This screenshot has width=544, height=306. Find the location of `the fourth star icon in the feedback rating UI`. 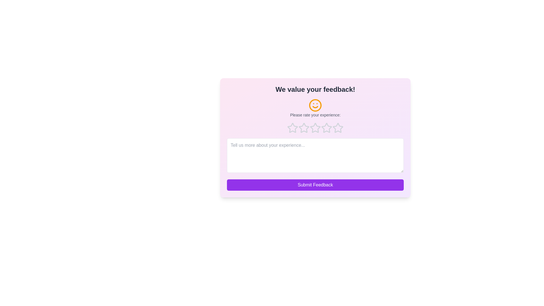

the fourth star icon in the feedback rating UI is located at coordinates (326, 128).